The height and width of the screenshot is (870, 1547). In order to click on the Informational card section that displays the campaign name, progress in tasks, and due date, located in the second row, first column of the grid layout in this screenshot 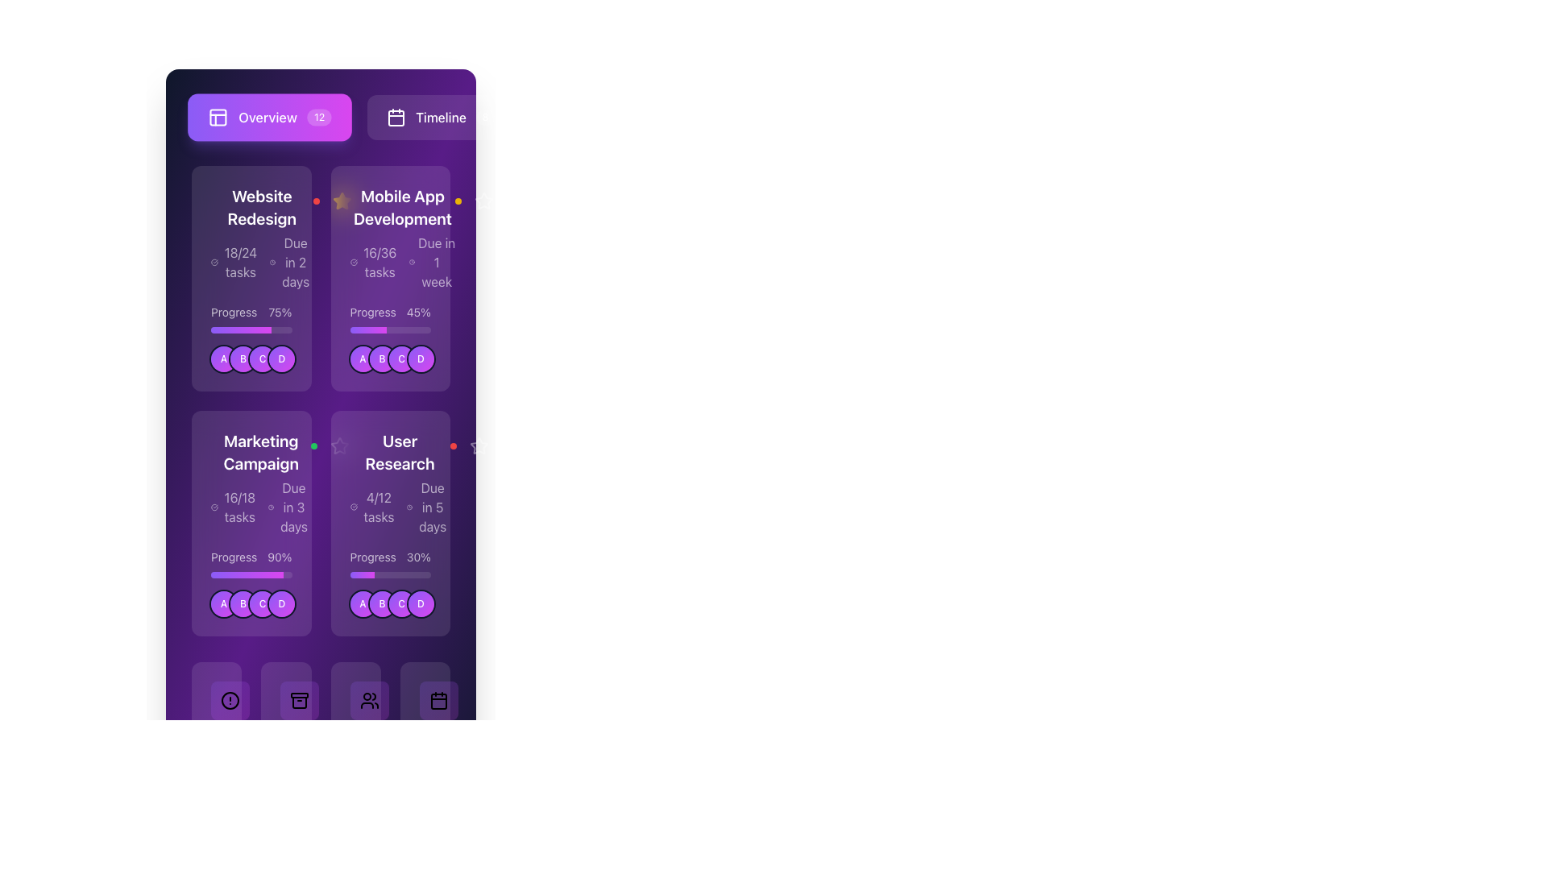, I will do `click(251, 483)`.